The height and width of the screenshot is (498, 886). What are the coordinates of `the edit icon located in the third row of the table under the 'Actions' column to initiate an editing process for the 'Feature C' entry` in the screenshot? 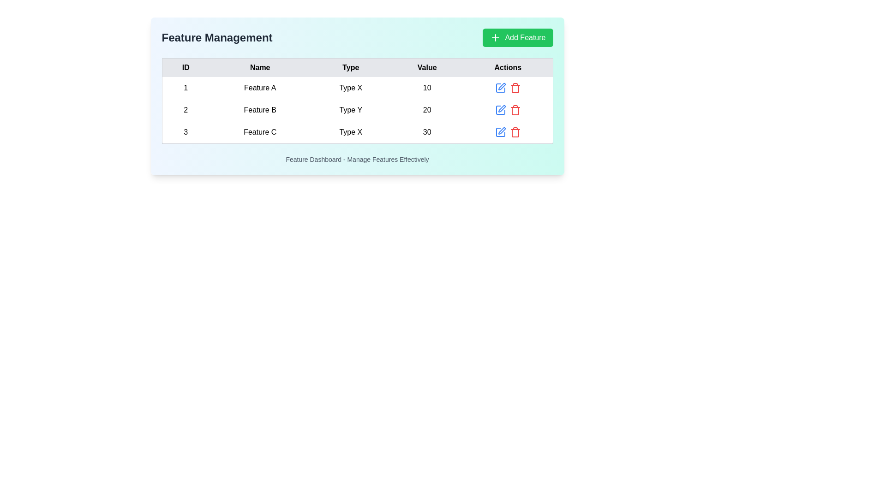 It's located at (500, 132).